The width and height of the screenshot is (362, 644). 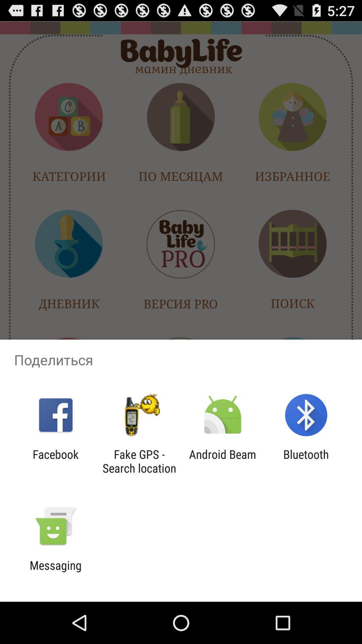 What do you see at coordinates (223, 461) in the screenshot?
I see `the android beam app` at bounding box center [223, 461].